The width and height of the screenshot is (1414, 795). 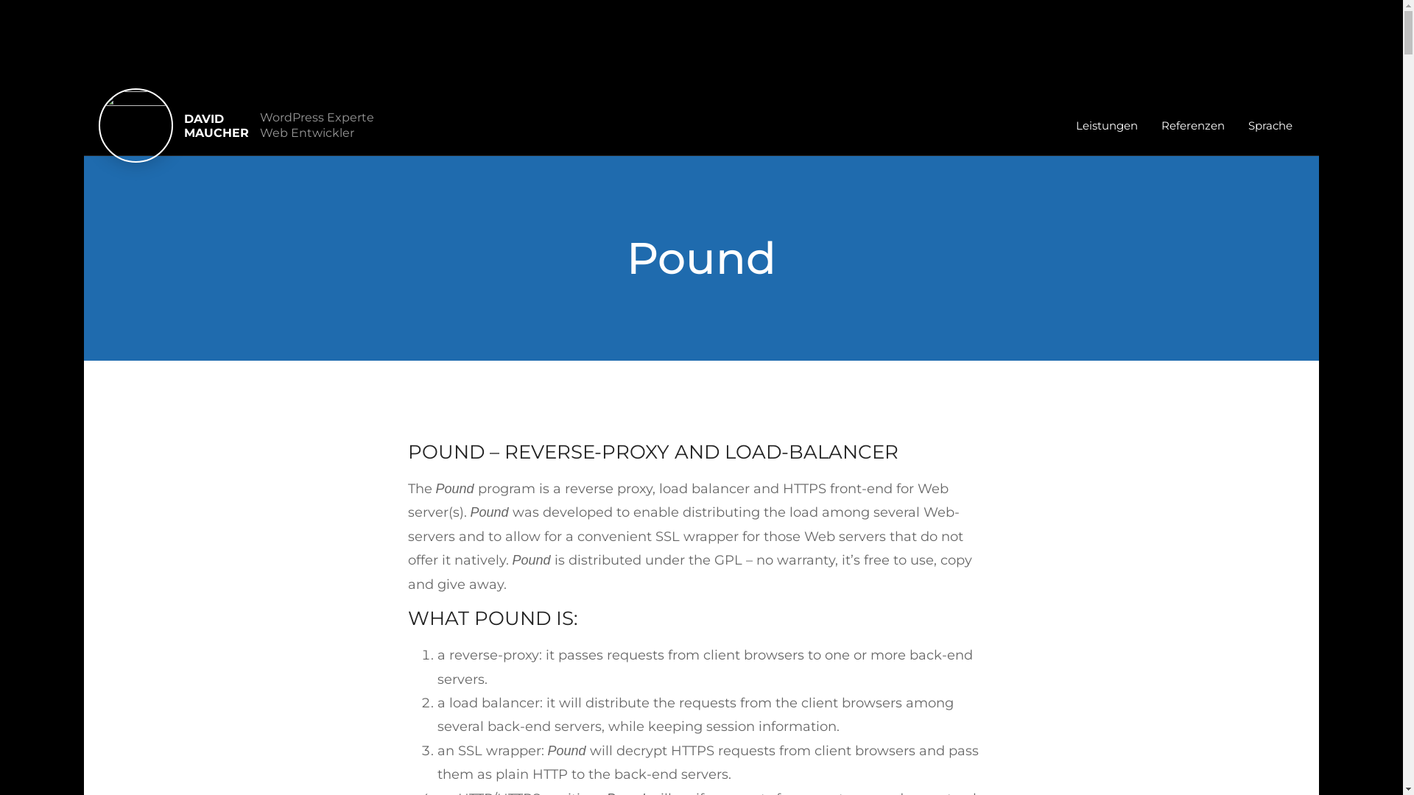 What do you see at coordinates (316, 124) in the screenshot?
I see `'WordPress Experte` at bounding box center [316, 124].